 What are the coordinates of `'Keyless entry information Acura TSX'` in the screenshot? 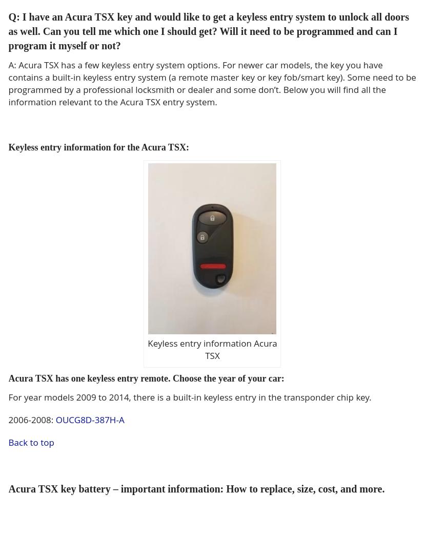 It's located at (147, 349).